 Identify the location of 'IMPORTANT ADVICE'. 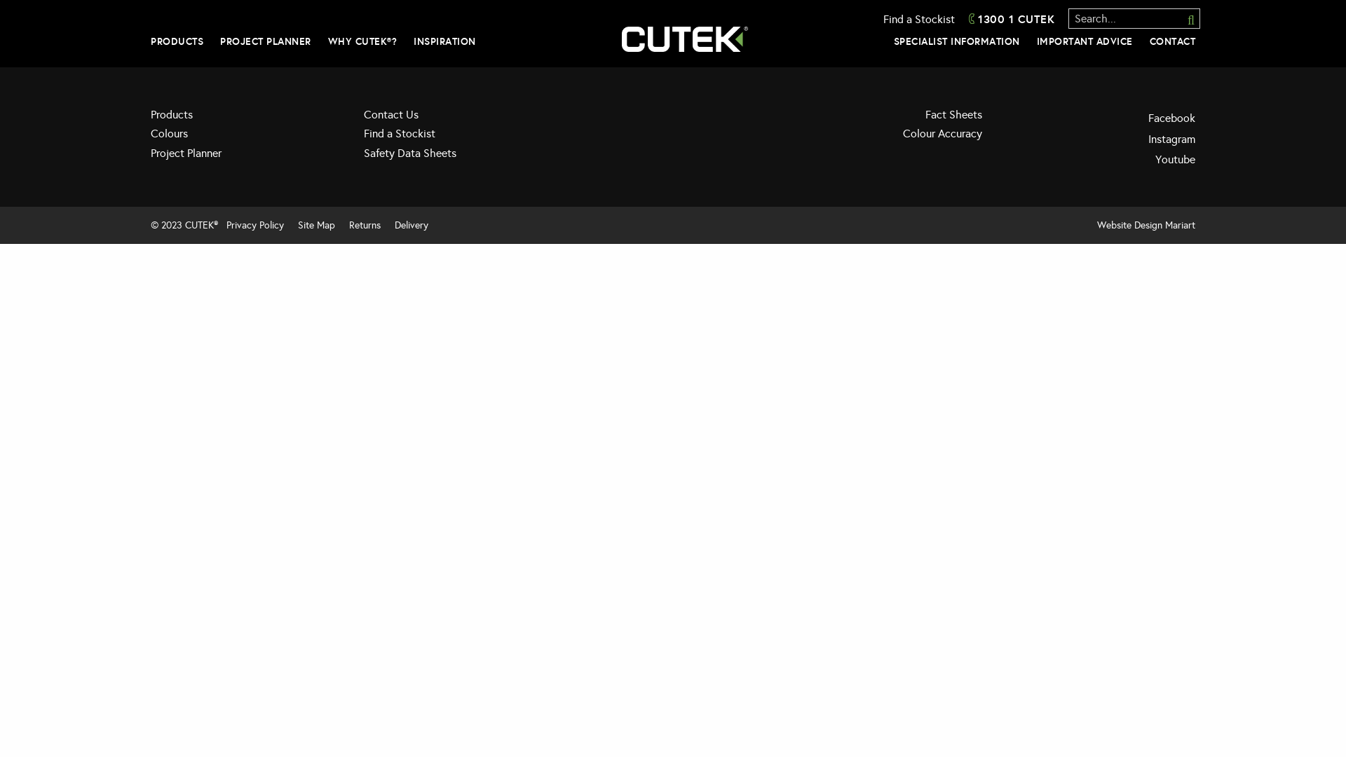
(1083, 40).